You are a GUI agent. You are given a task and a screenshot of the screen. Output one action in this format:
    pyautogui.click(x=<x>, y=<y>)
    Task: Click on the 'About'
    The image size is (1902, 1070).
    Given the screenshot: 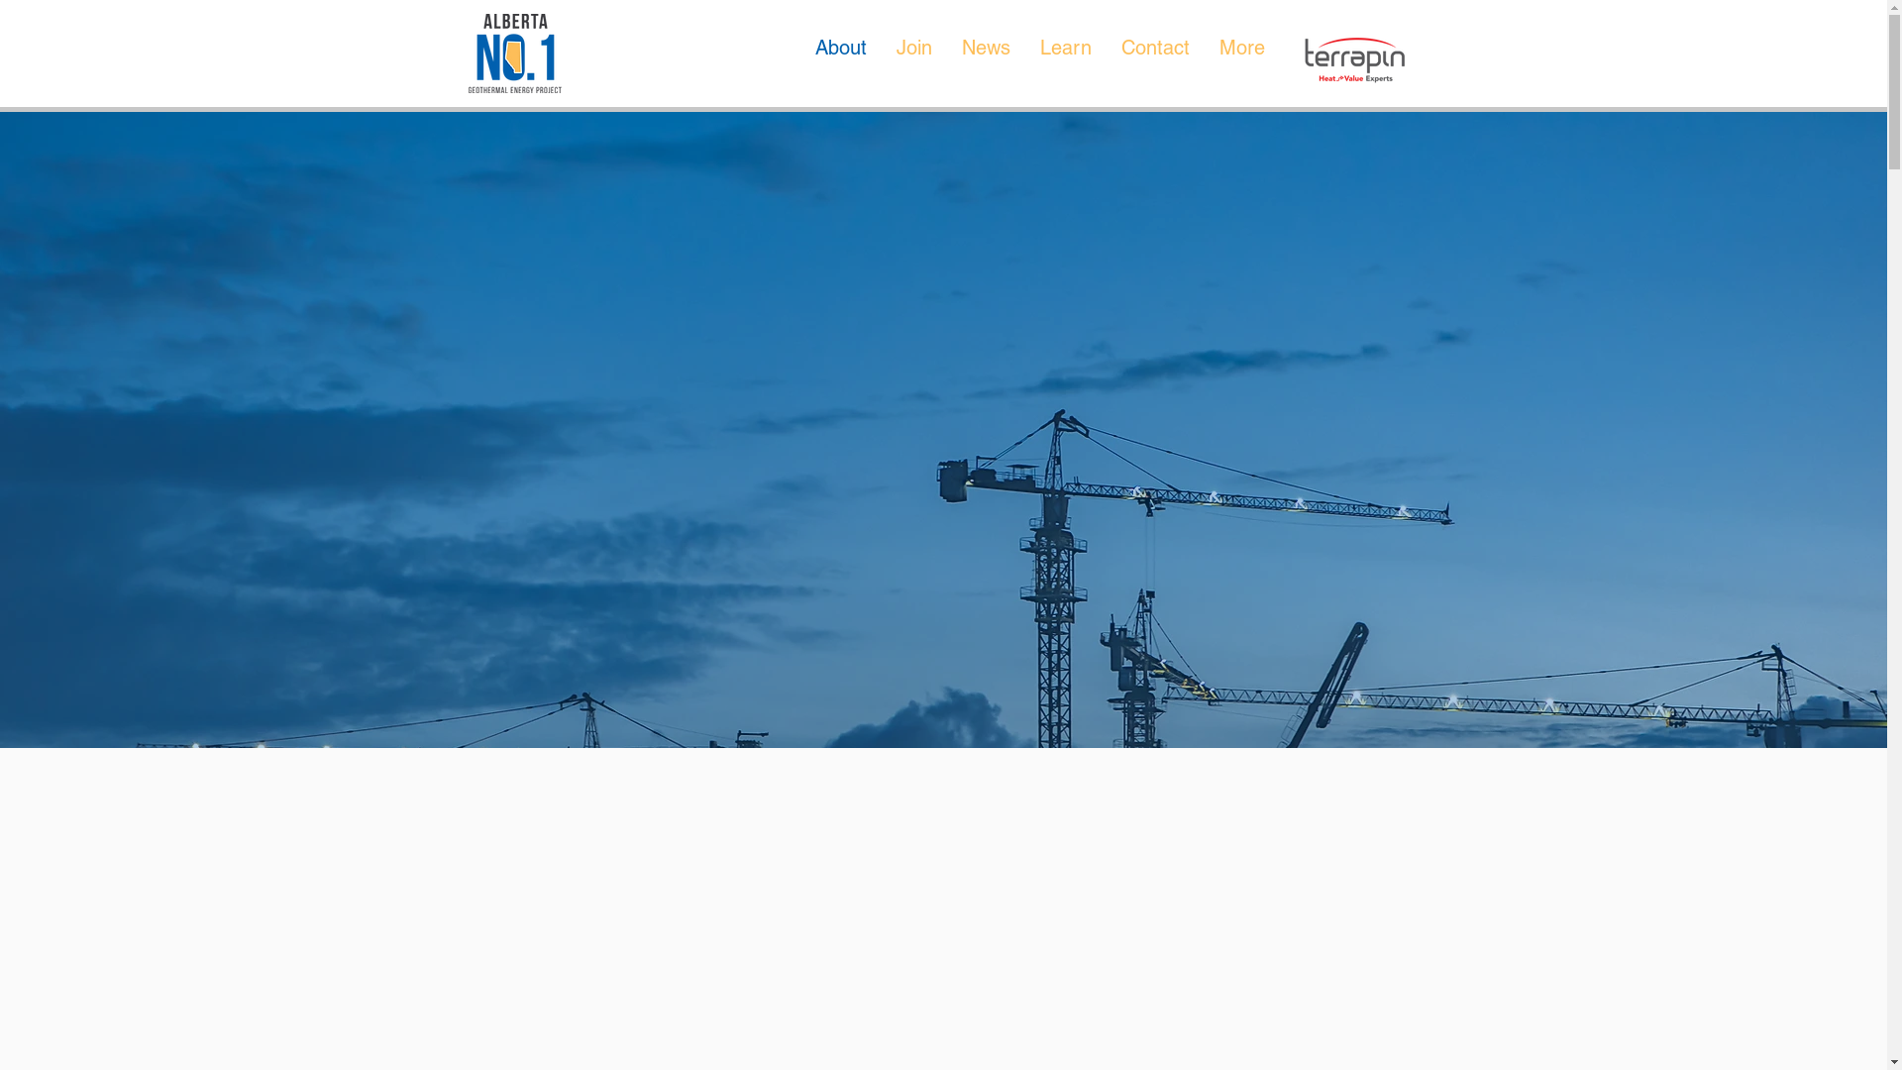 What is the action you would take?
    pyautogui.click(x=841, y=56)
    